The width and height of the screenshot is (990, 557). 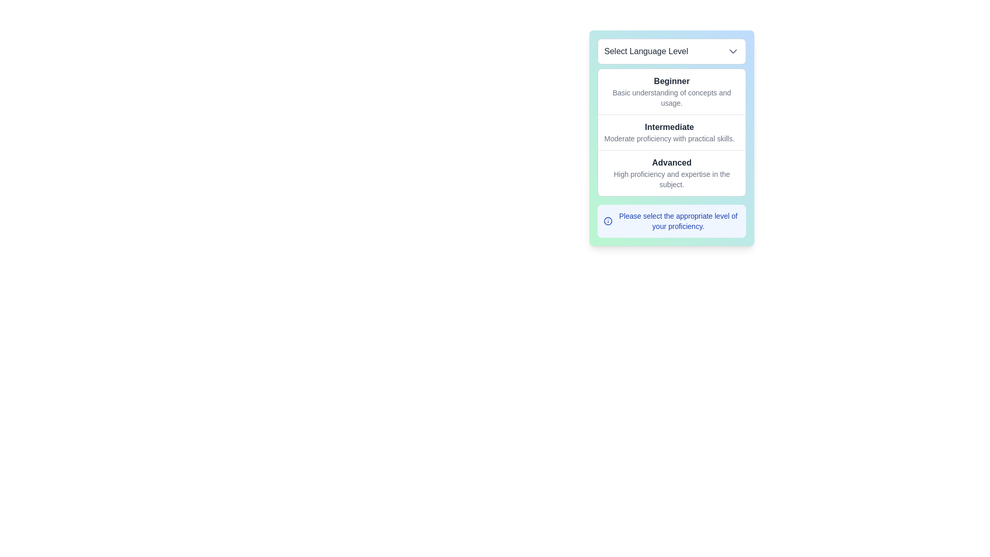 I want to click on the blue circular Informational Icon that precedes the text 'Please select the appropriate level of your proficiency.' for more context, so click(x=608, y=220).